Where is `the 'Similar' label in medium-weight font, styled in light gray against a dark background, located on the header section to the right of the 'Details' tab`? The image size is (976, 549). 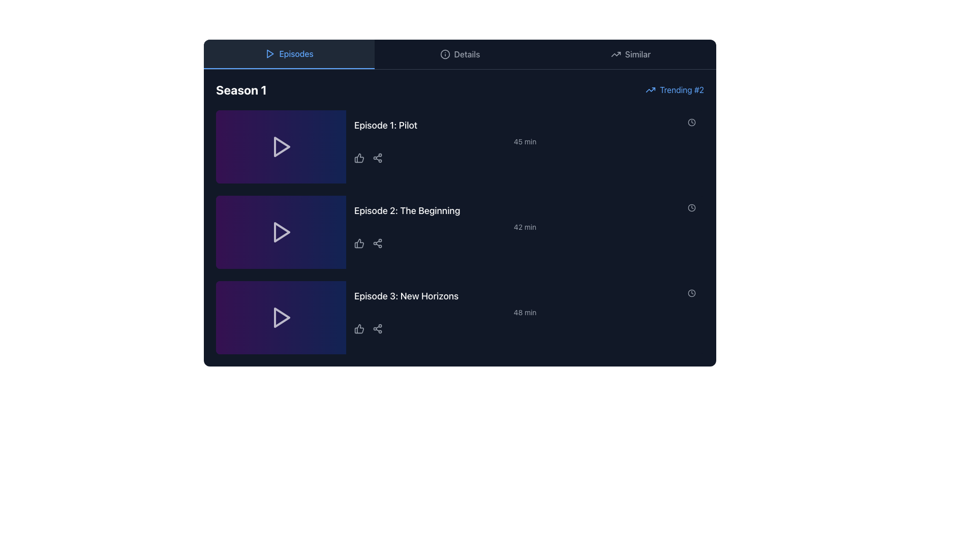 the 'Similar' label in medium-weight font, styled in light gray against a dark background, located on the header section to the right of the 'Details' tab is located at coordinates (637, 54).